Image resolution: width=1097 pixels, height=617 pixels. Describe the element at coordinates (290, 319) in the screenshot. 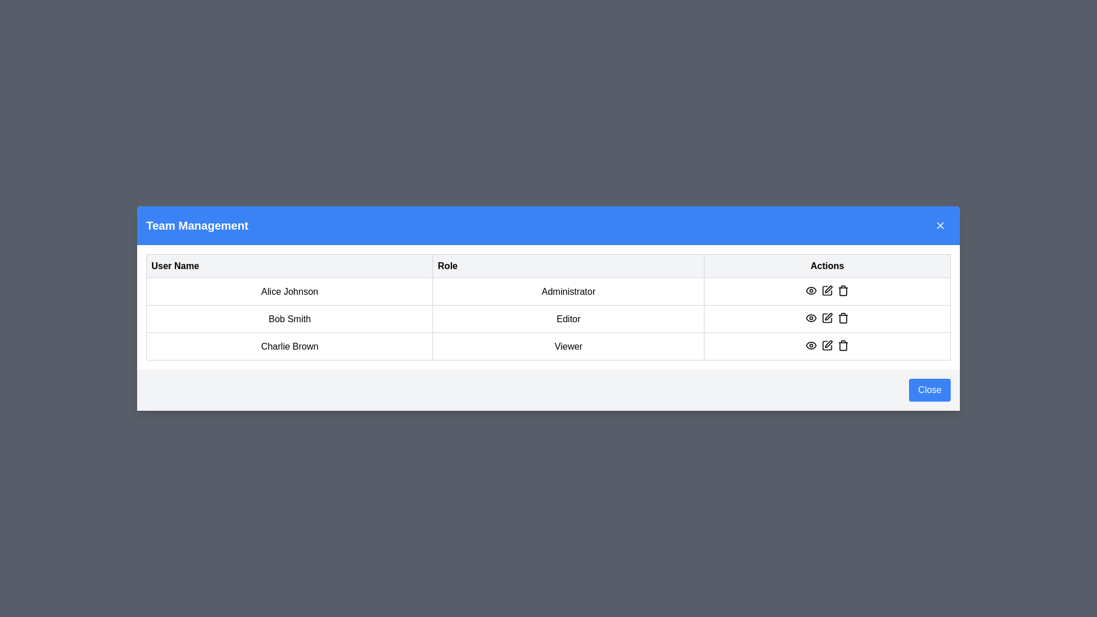

I see `text content of the Label displaying user name 'Bob Smith' located in the second row under the 'User Name' column in a table` at that location.